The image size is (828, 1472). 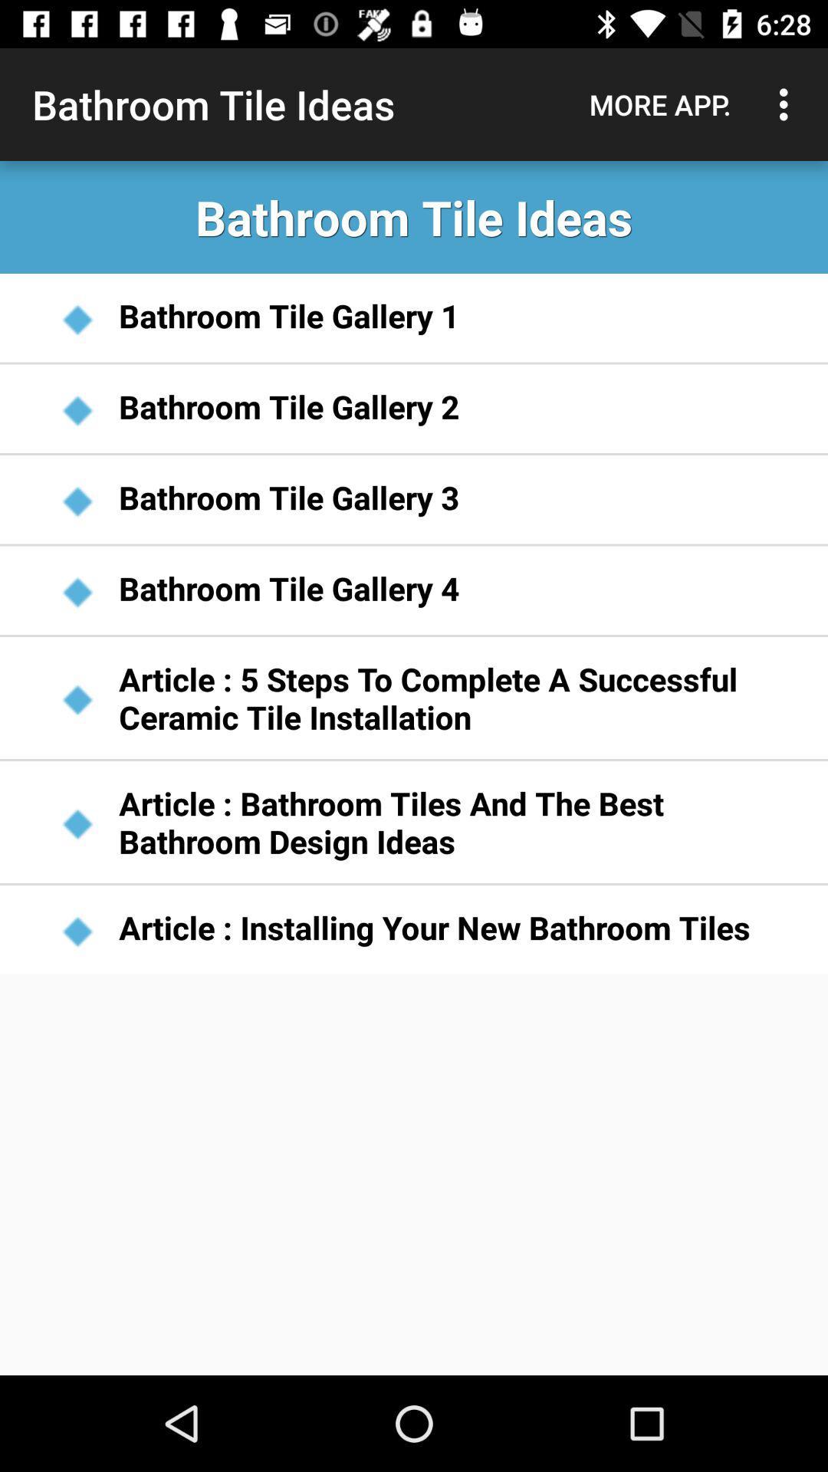 I want to click on icon above bathroom tile ideas app, so click(x=659, y=103).